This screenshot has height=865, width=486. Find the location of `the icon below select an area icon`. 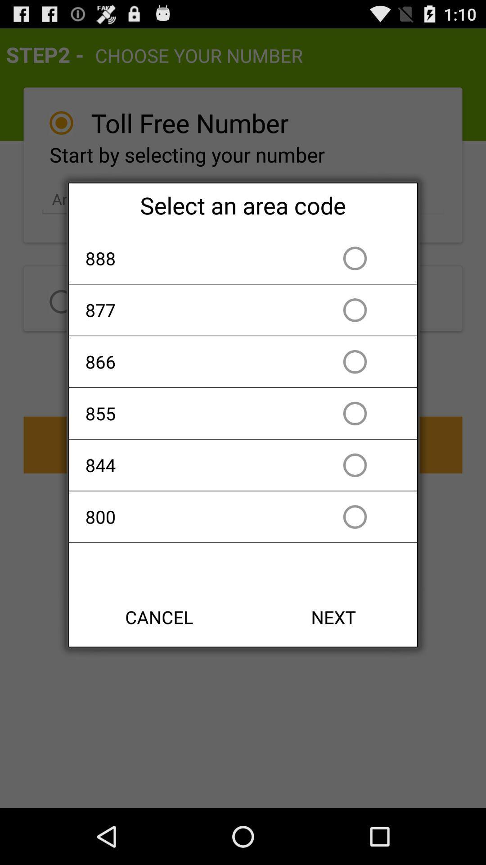

the icon below select an area icon is located at coordinates (191, 258).